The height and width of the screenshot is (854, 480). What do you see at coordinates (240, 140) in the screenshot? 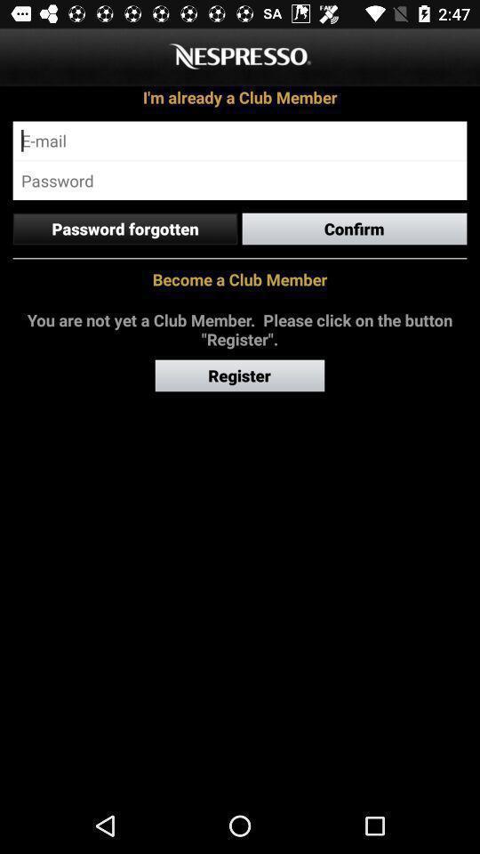
I see `login email` at bounding box center [240, 140].